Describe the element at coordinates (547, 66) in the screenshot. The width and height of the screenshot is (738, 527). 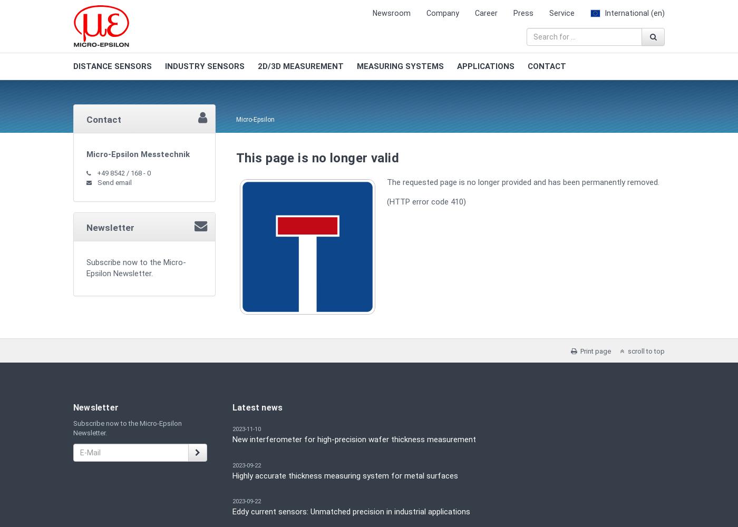
I see `'CONTACT'` at that location.